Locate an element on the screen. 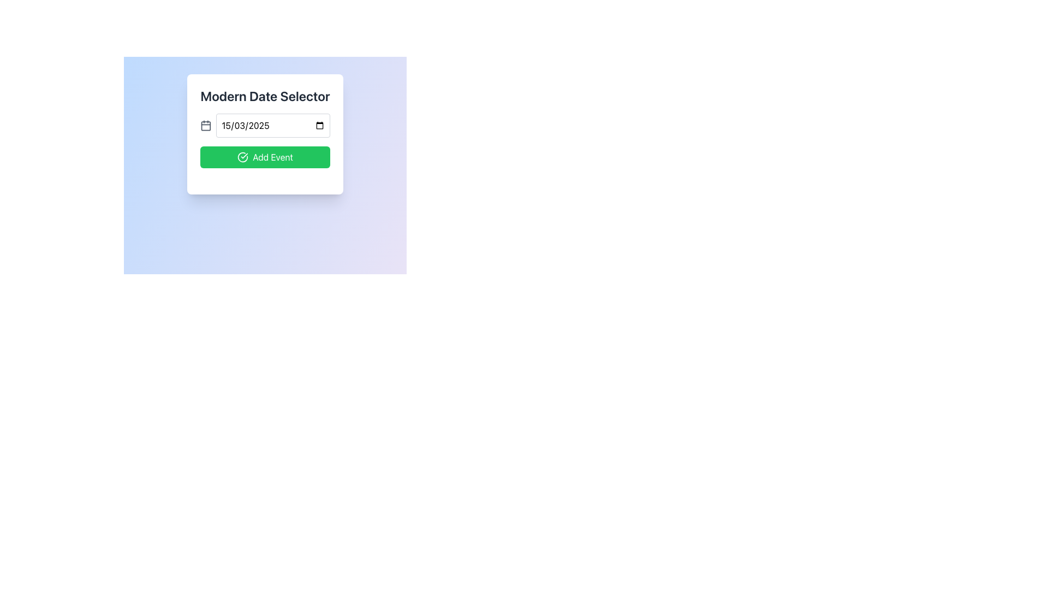 This screenshot has height=590, width=1048. the 'Add Event' button which contains a graphical icon of a large circle with a checkmark inside, positioned towards the left side of the button's text is located at coordinates (242, 157).